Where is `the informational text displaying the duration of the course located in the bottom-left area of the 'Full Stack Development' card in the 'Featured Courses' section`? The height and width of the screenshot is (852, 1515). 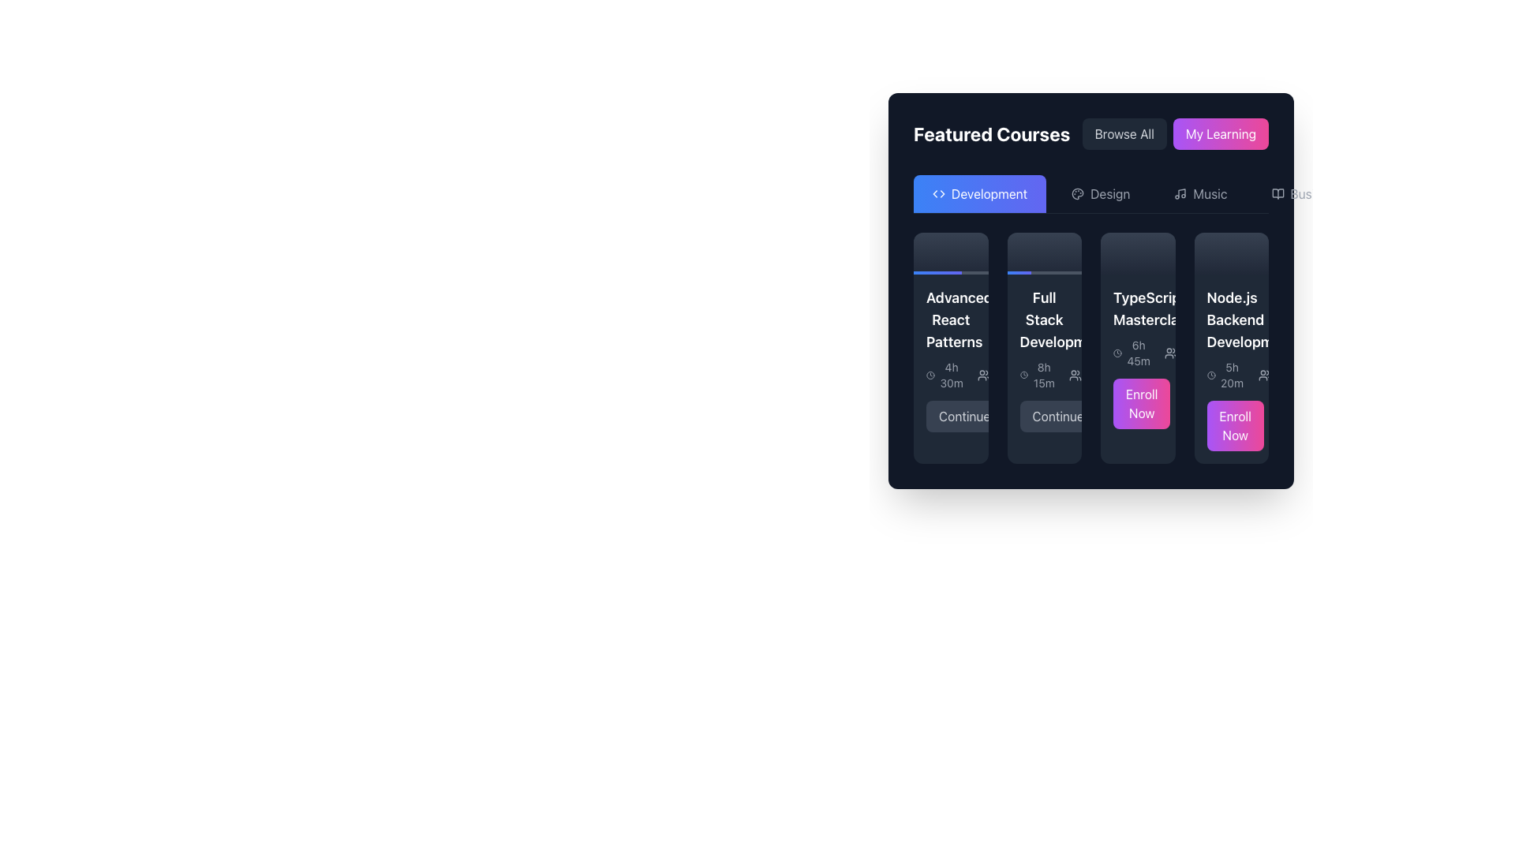 the informational text displaying the duration of the course located in the bottom-left area of the 'Full Stack Development' card in the 'Featured Courses' section is located at coordinates (1038, 376).